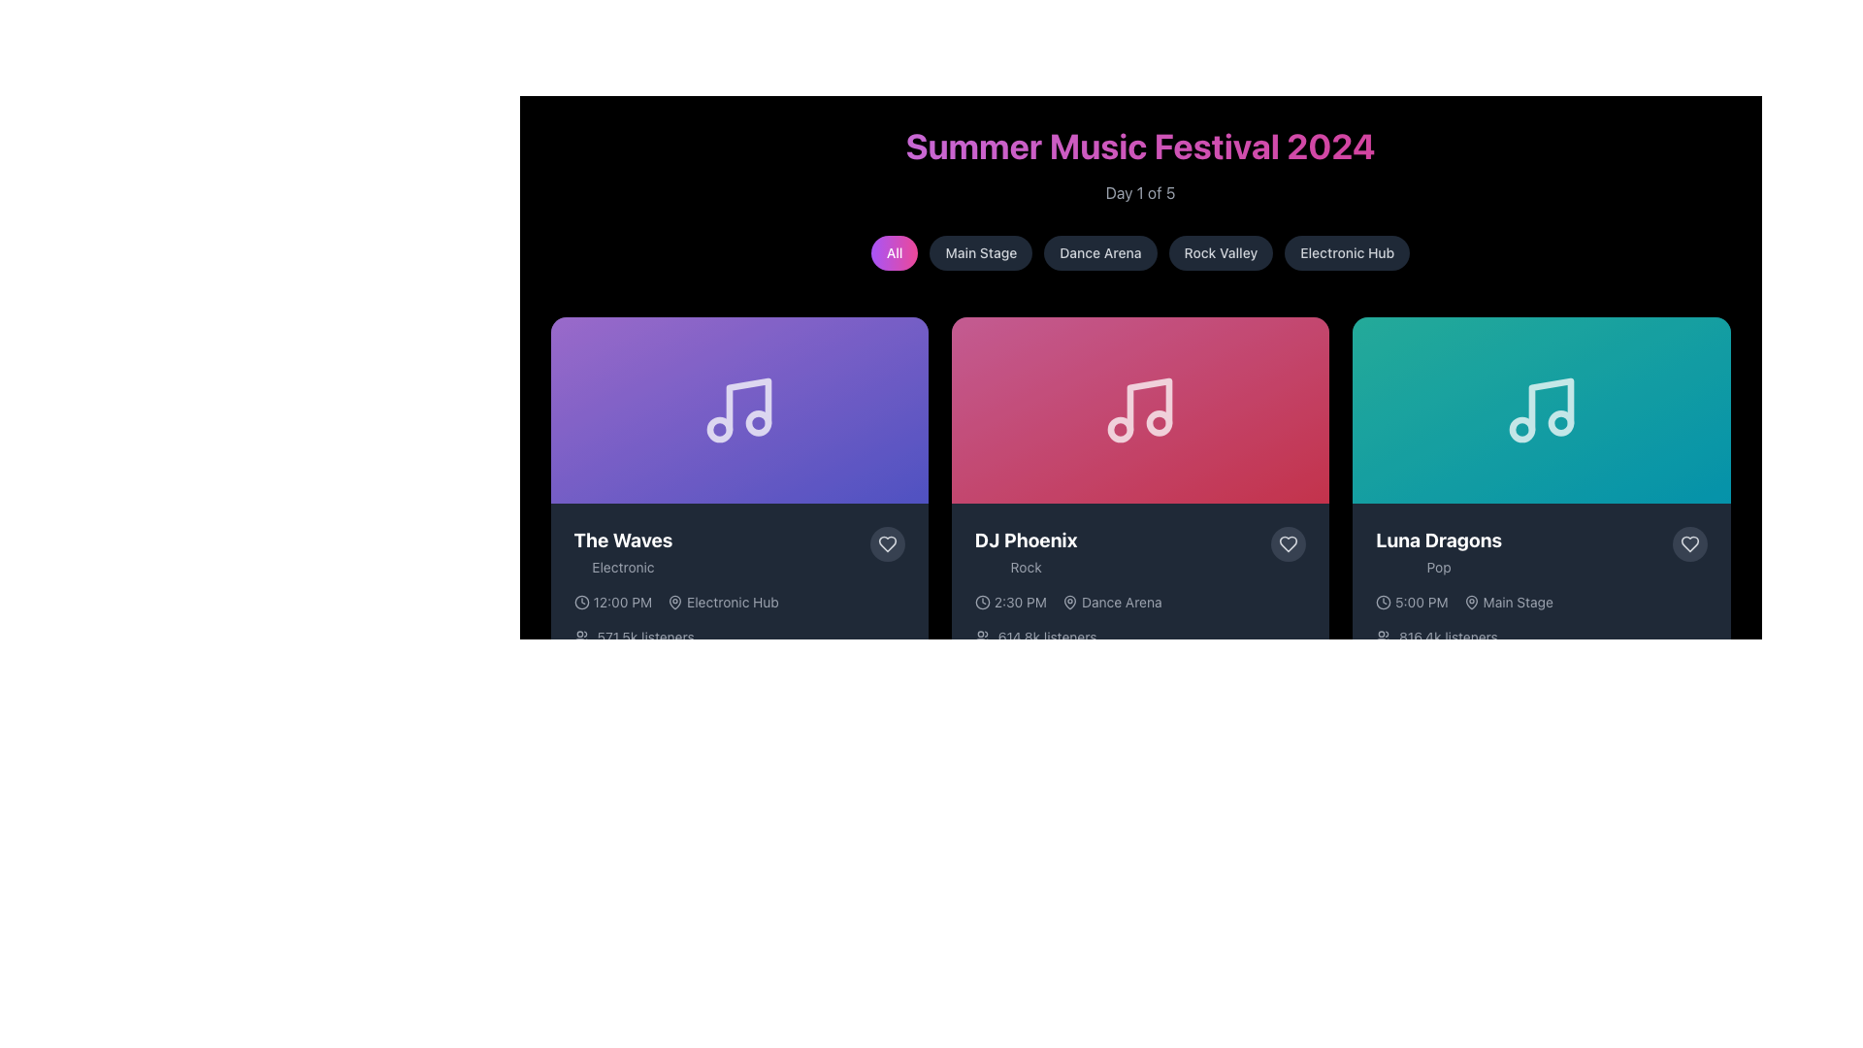 This screenshot has width=1863, height=1048. Describe the element at coordinates (1540, 409) in the screenshot. I see `the Decorative graphic with background at the top section of the 'Luna Dragons' card, which is the third card in the horizontally aligned group of music event cards under the 'Summer Music Festival 2024' title to interact with it` at that location.